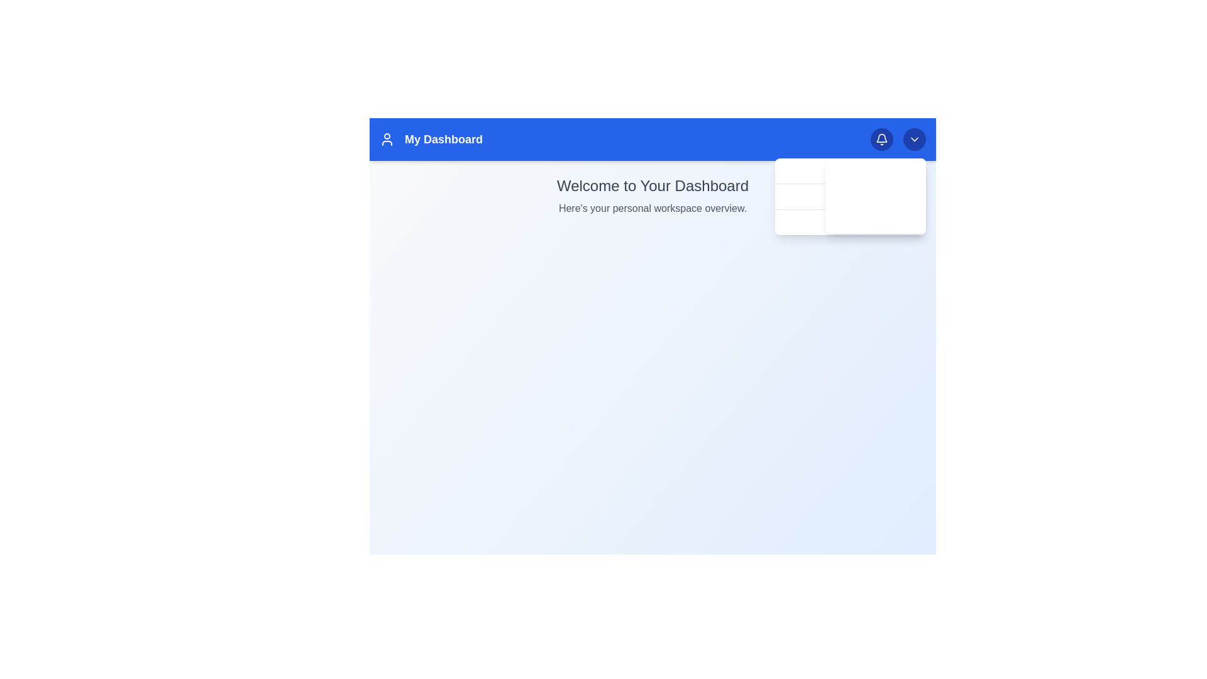 This screenshot has width=1207, height=679. Describe the element at coordinates (881, 140) in the screenshot. I see `the circular notification button with a bell icon located in the upper-right corner, adjacent to the dropdown menu` at that location.